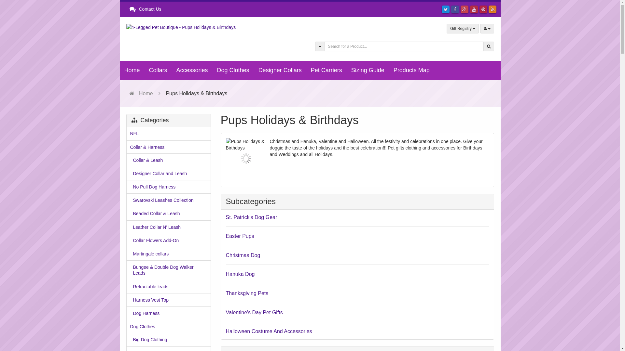 The height and width of the screenshot is (351, 625). Describe the element at coordinates (474, 9) in the screenshot. I see `'YouTube'` at that location.